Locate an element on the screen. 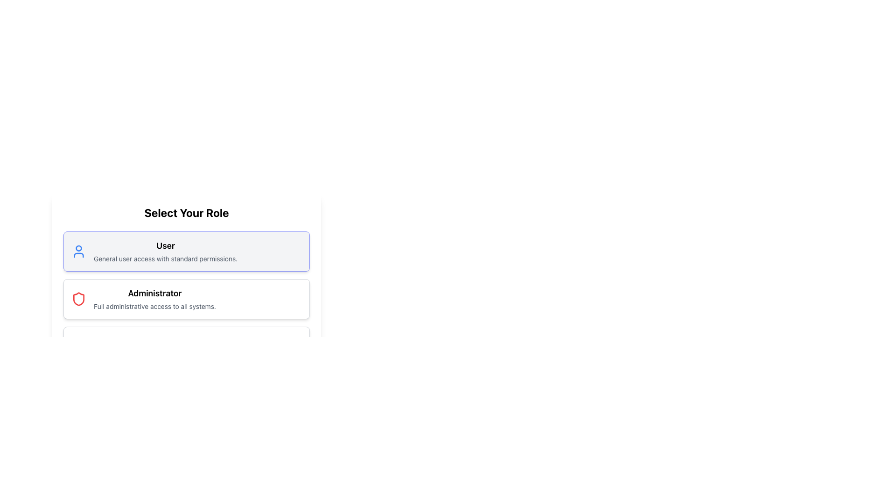 The width and height of the screenshot is (896, 504). the text label 'User' which serves as the title for the first listed role in the 'Select Your Role' selection interface is located at coordinates (166, 245).